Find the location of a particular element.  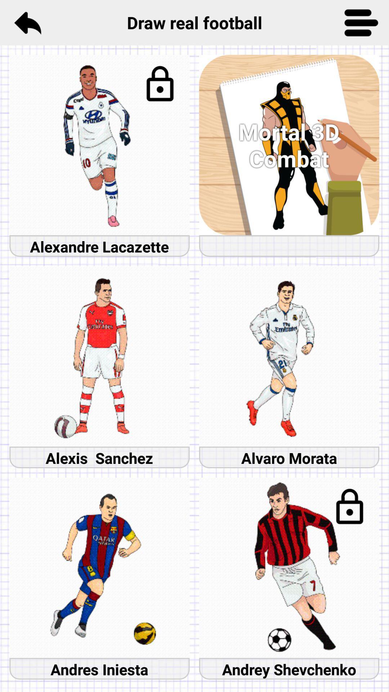

menu button is located at coordinates (361, 22).